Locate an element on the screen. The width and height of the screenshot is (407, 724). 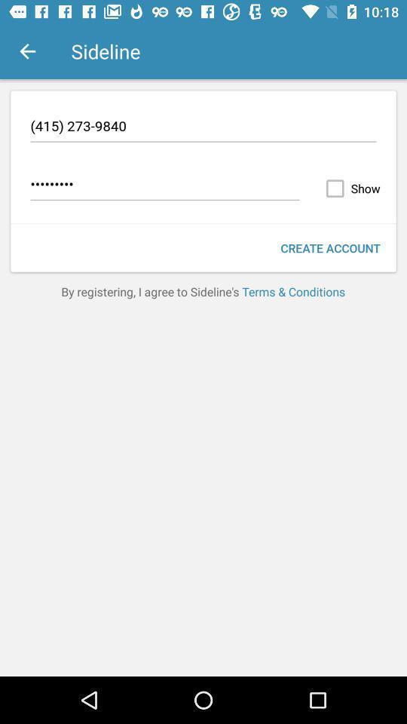
item below (415) 273-9840 is located at coordinates (350, 188).